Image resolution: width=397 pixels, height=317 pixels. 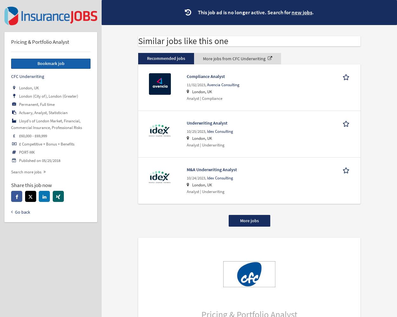 What do you see at coordinates (186, 169) in the screenshot?
I see `'M&A Underwriting Analyst'` at bounding box center [186, 169].